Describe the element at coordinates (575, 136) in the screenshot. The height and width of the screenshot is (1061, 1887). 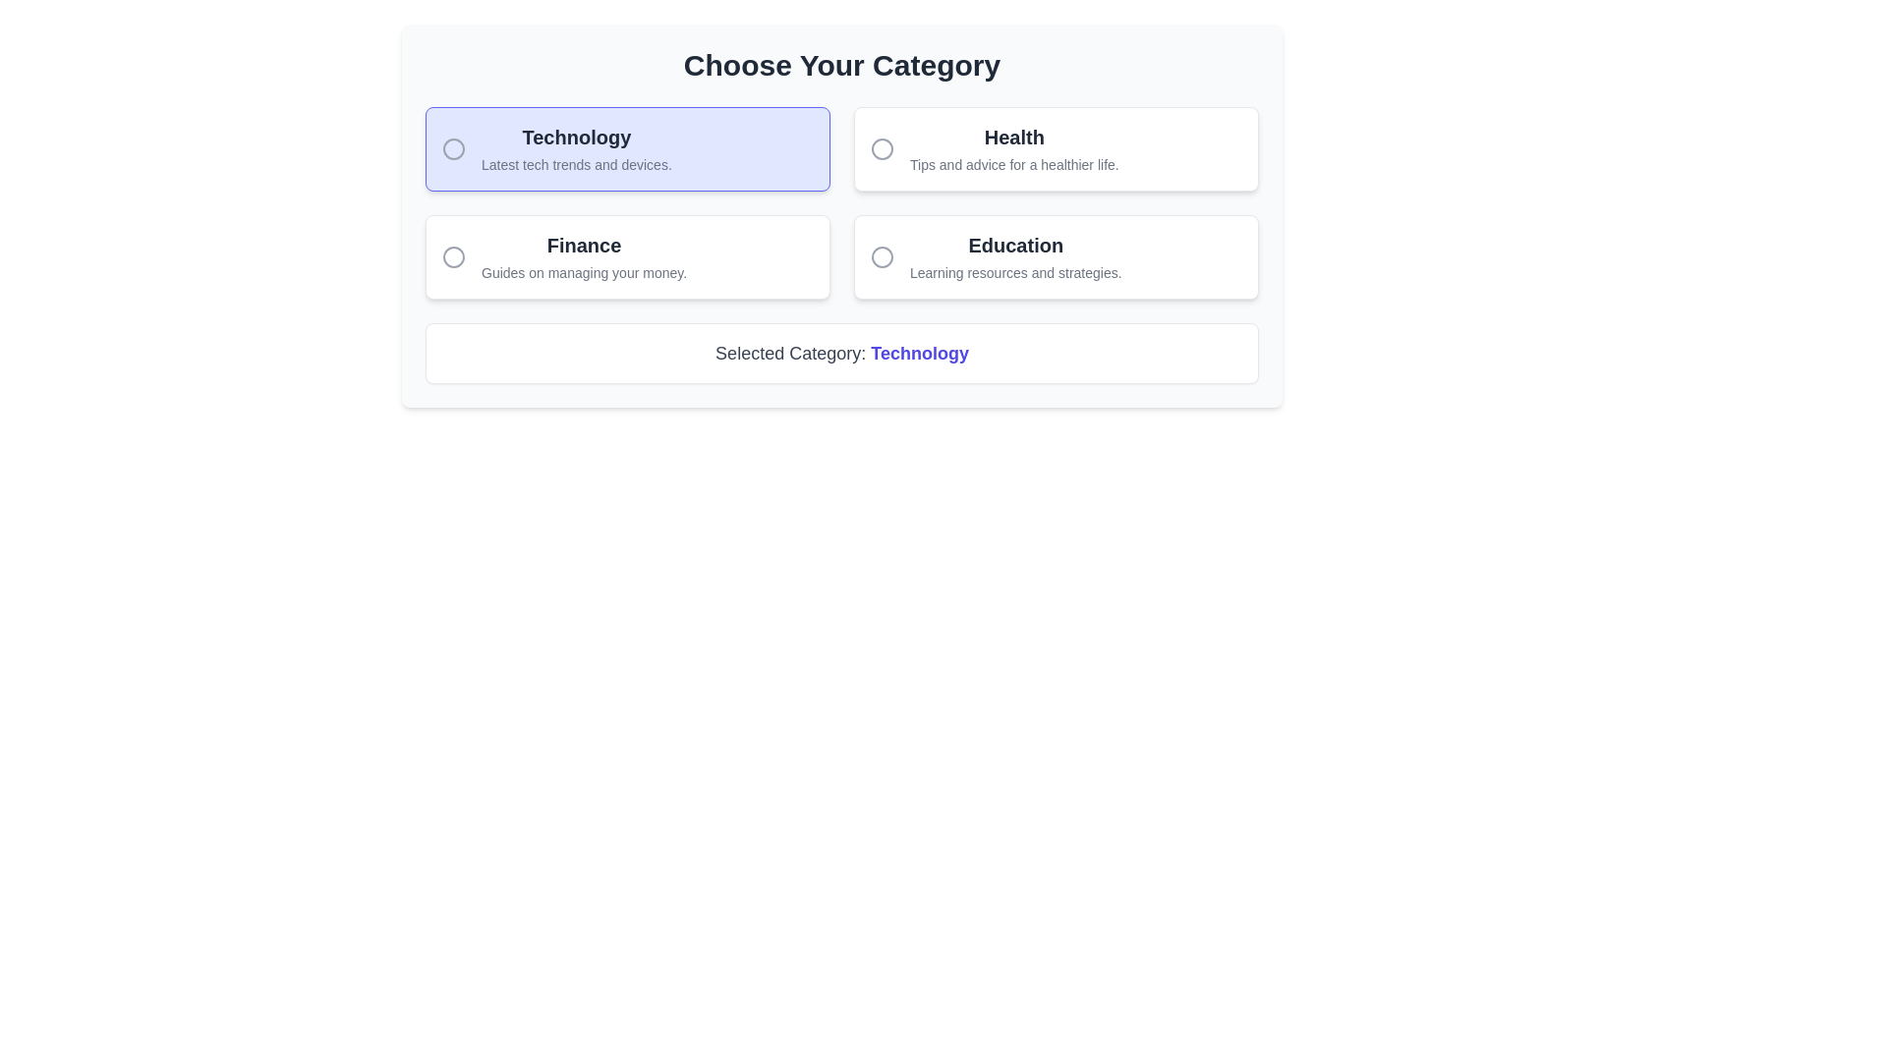
I see `the 'Technology' text label located at the top-left corner of the category choice group` at that location.